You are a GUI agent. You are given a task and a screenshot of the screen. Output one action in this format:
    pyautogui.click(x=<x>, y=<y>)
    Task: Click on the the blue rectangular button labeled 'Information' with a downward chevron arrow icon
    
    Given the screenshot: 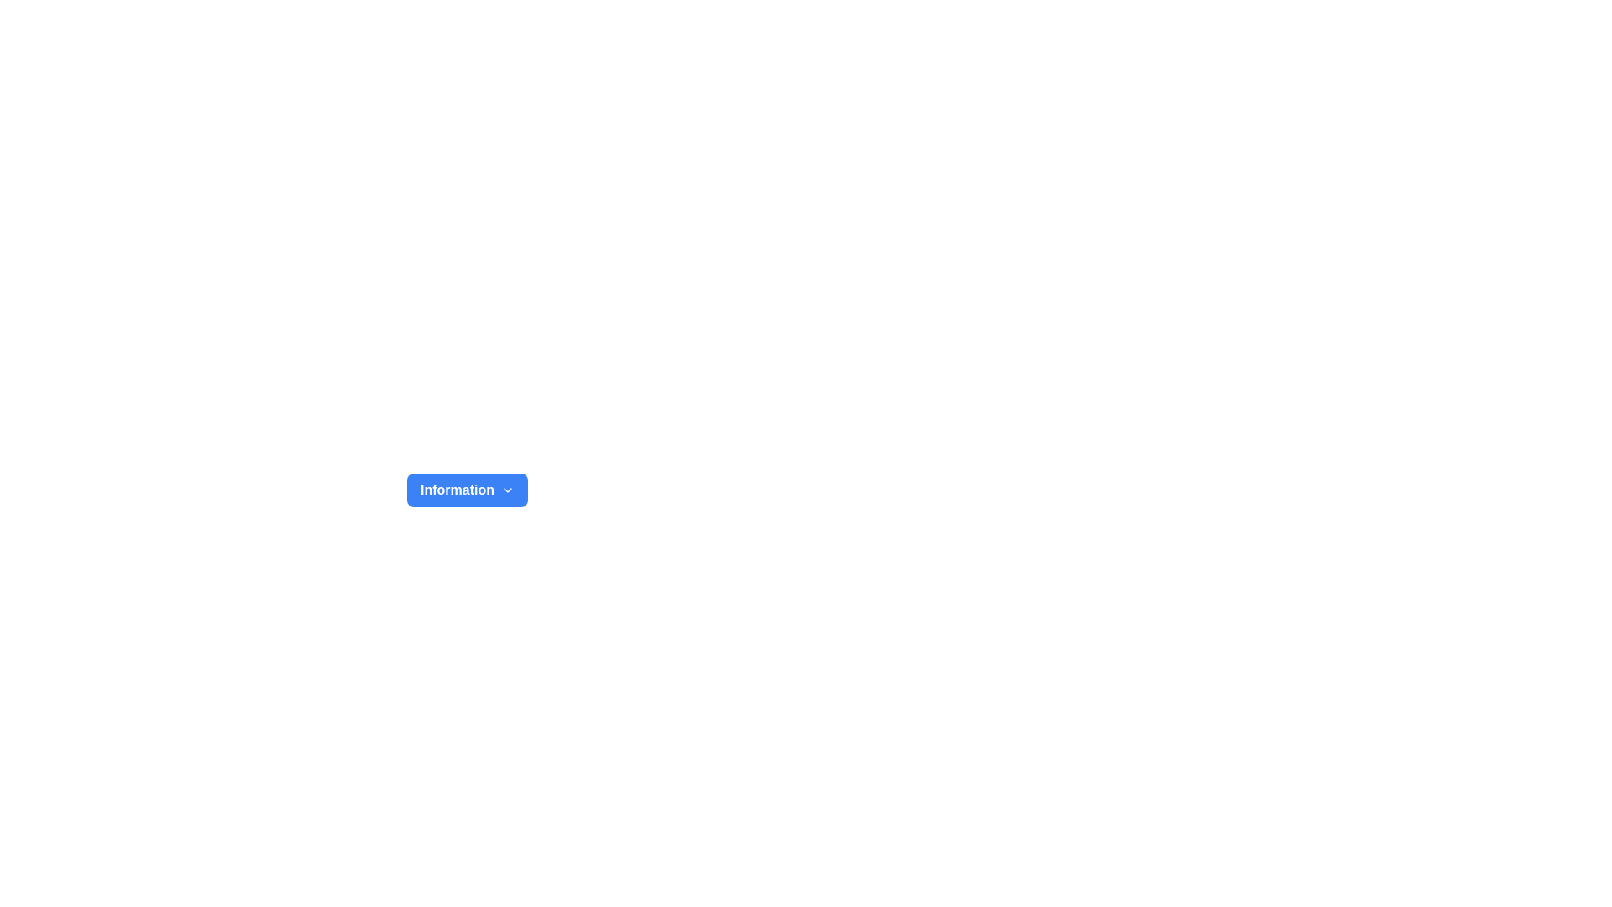 What is the action you would take?
    pyautogui.click(x=467, y=490)
    